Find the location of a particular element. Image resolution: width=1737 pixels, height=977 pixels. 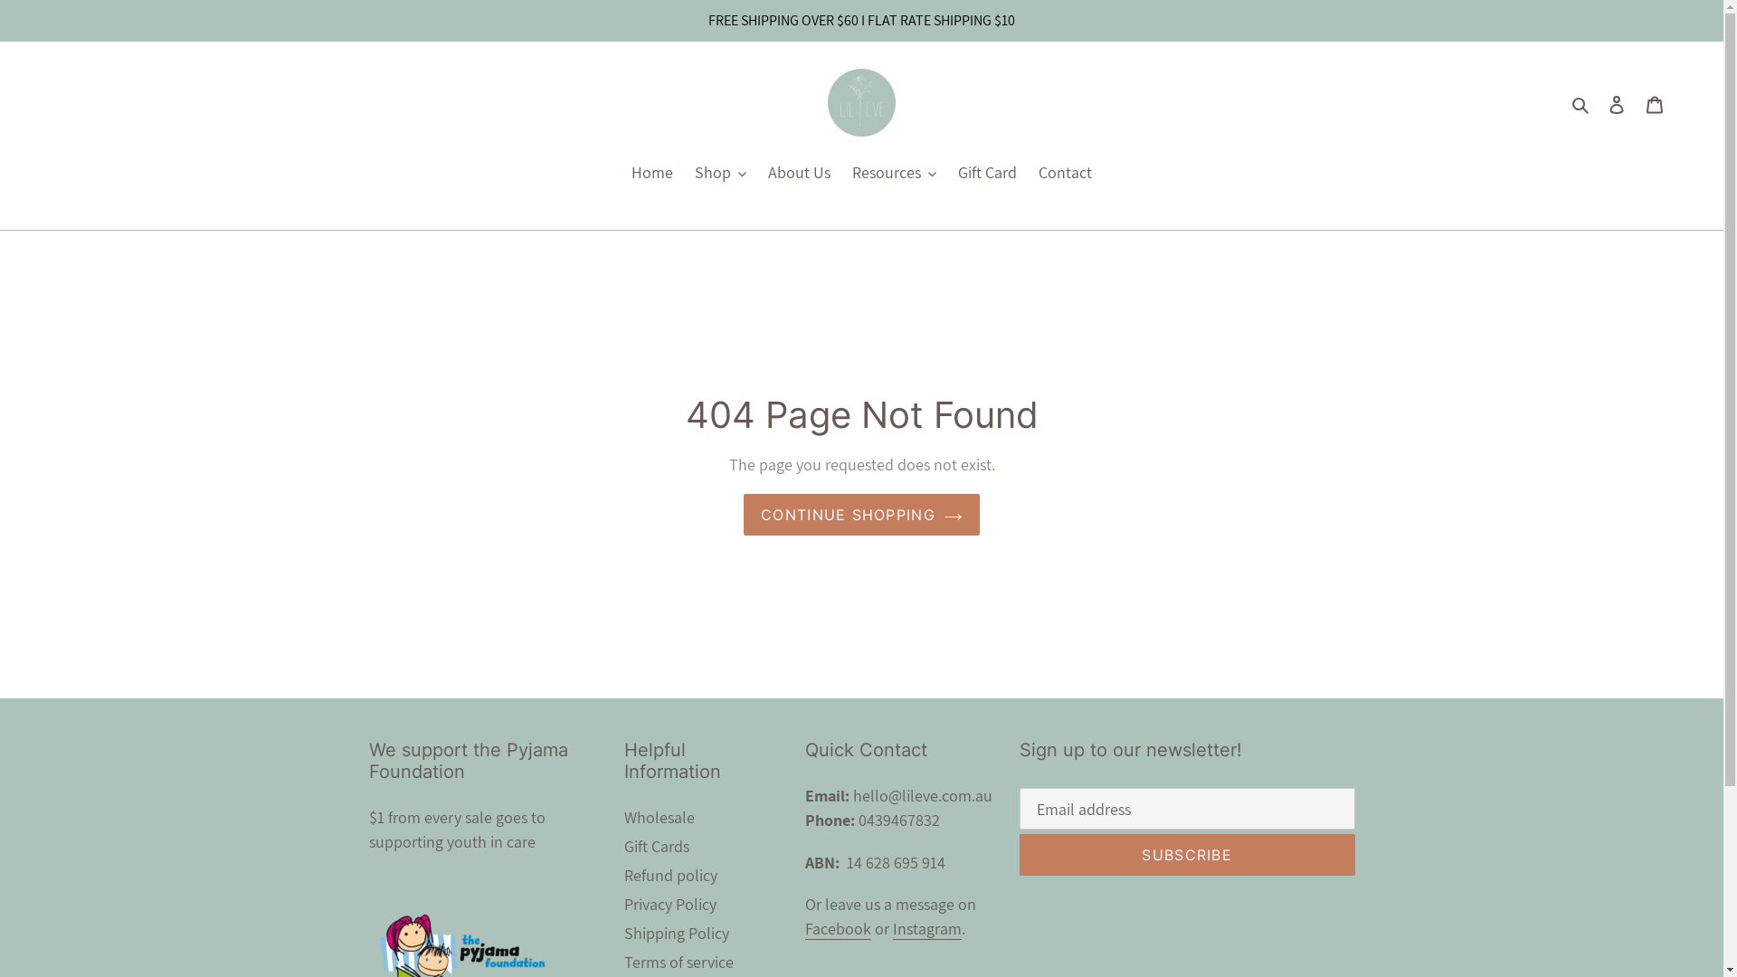

'Cart' is located at coordinates (1636, 102).